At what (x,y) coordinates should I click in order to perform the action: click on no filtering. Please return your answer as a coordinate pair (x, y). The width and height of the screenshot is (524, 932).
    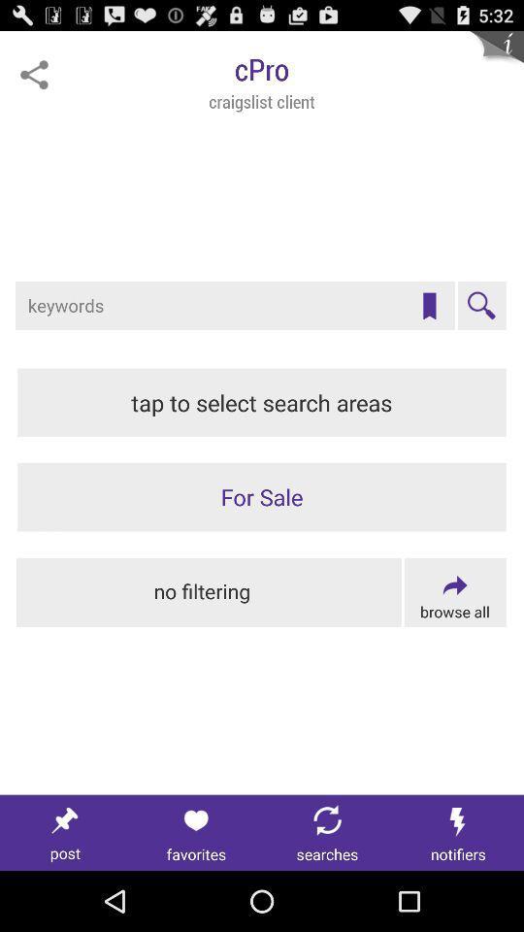
    Looking at the image, I should click on (208, 591).